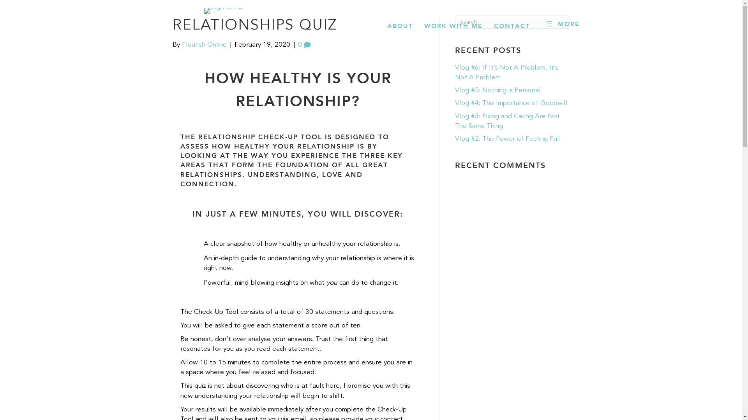  I want to click on 'ABOUT', so click(381, 25).